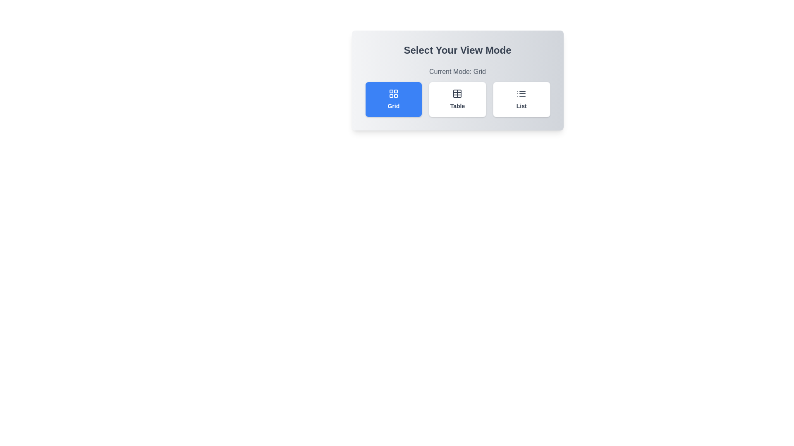 This screenshot has width=794, height=446. Describe the element at coordinates (393, 106) in the screenshot. I see `the 'Grid' label, which is styled in bold and small white font on a blue background, located inside a blue rectangular button on the leftmost side of three buttons representing different view modes` at that location.